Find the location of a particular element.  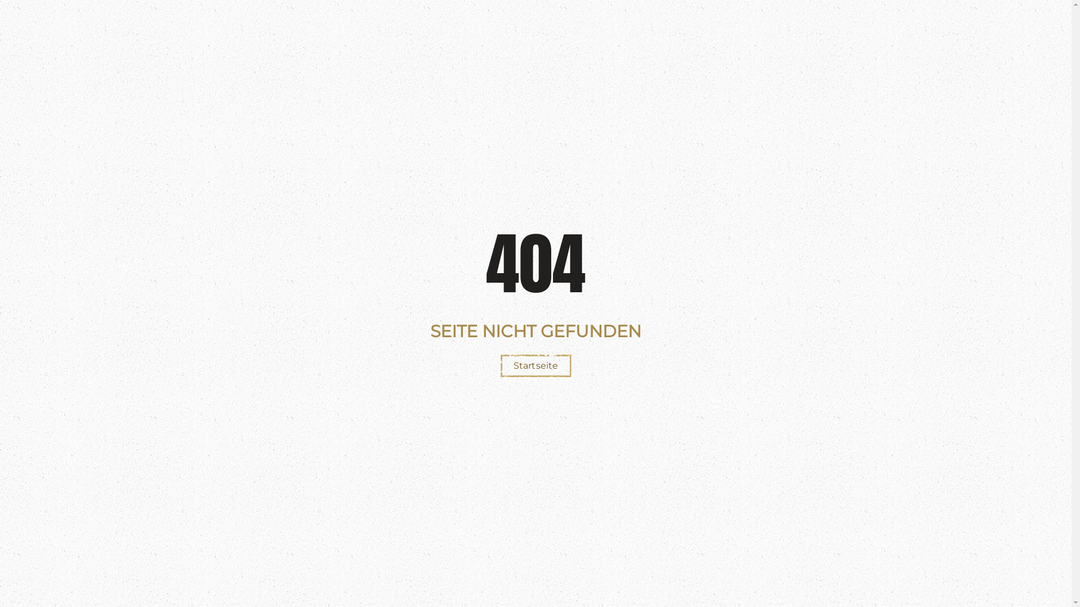

'Startseite' is located at coordinates (535, 366).